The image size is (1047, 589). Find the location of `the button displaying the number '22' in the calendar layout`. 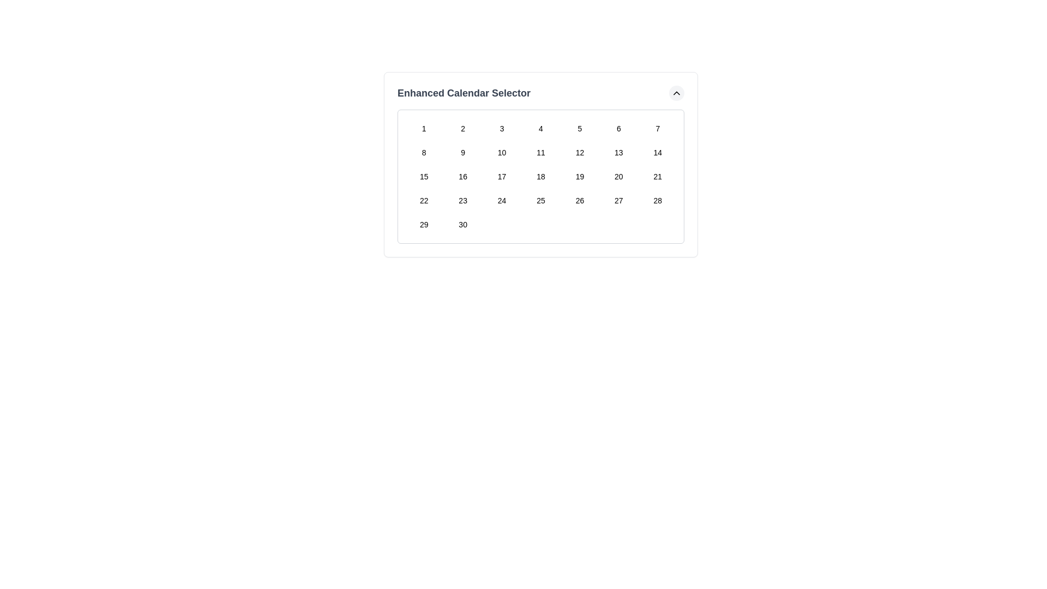

the button displaying the number '22' in the calendar layout is located at coordinates (423, 200).